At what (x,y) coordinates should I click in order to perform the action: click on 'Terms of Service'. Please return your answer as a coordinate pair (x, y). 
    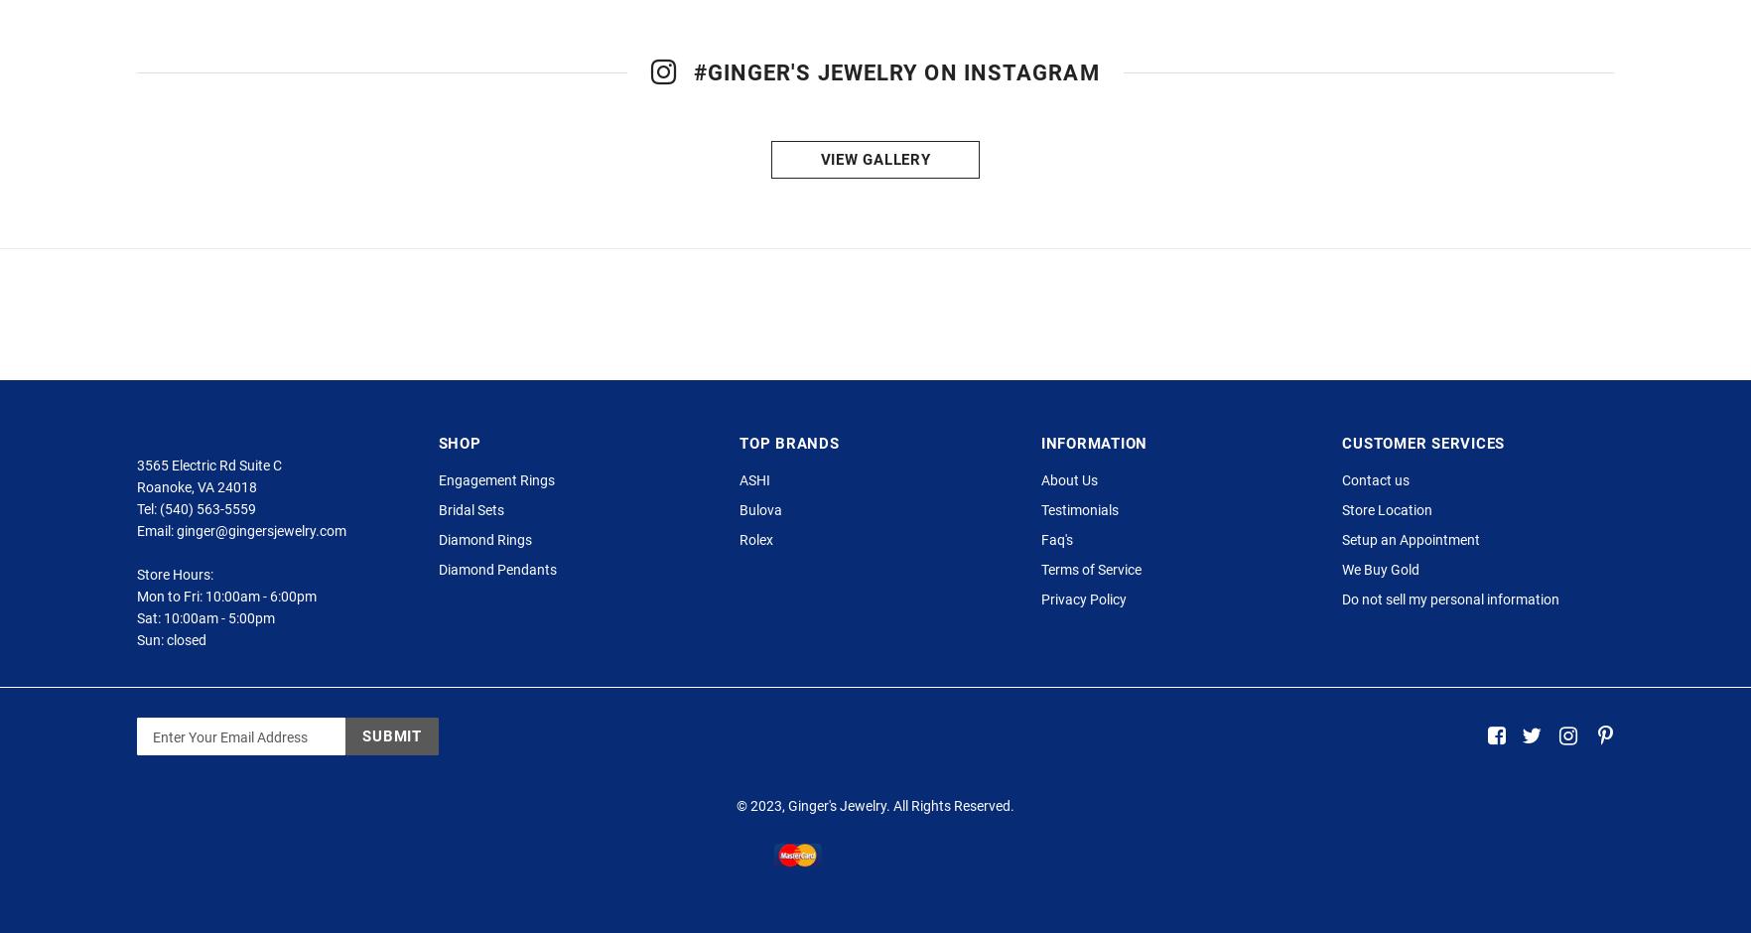
    Looking at the image, I should click on (1090, 609).